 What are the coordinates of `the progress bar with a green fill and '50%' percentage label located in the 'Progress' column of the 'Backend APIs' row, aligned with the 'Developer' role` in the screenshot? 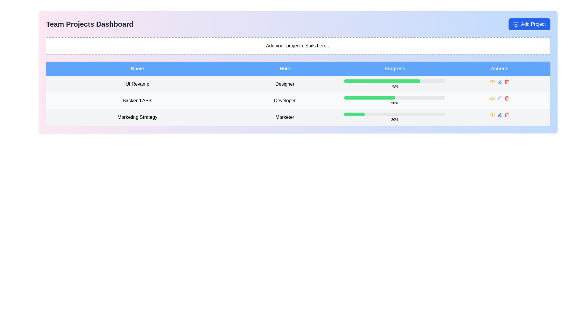 It's located at (395, 100).